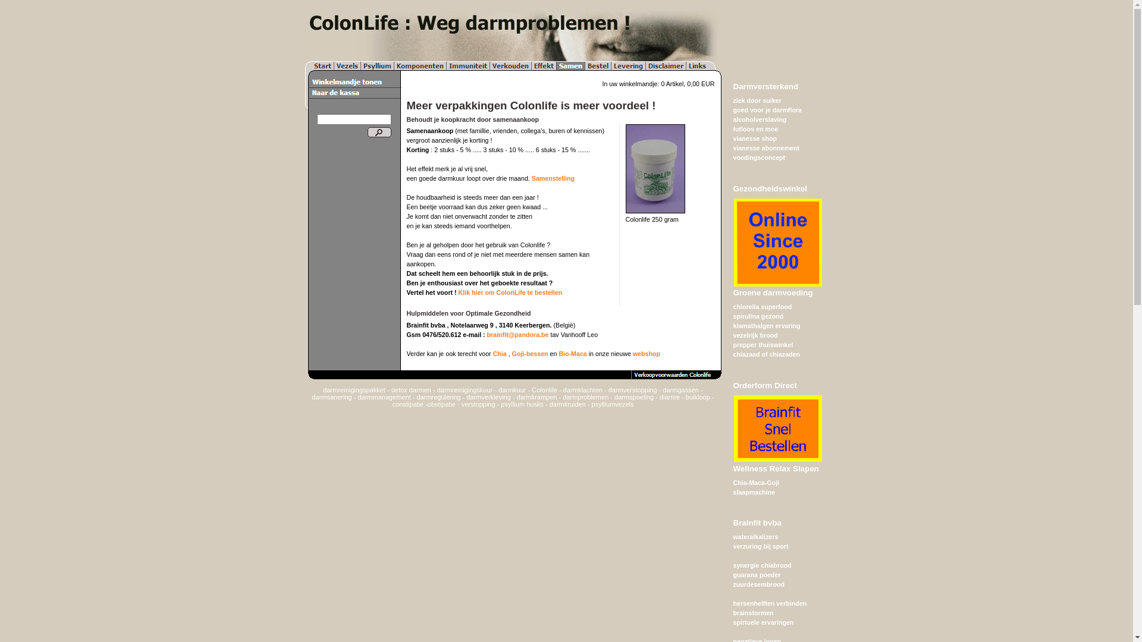  What do you see at coordinates (755, 536) in the screenshot?
I see `'wateralkalizers'` at bounding box center [755, 536].